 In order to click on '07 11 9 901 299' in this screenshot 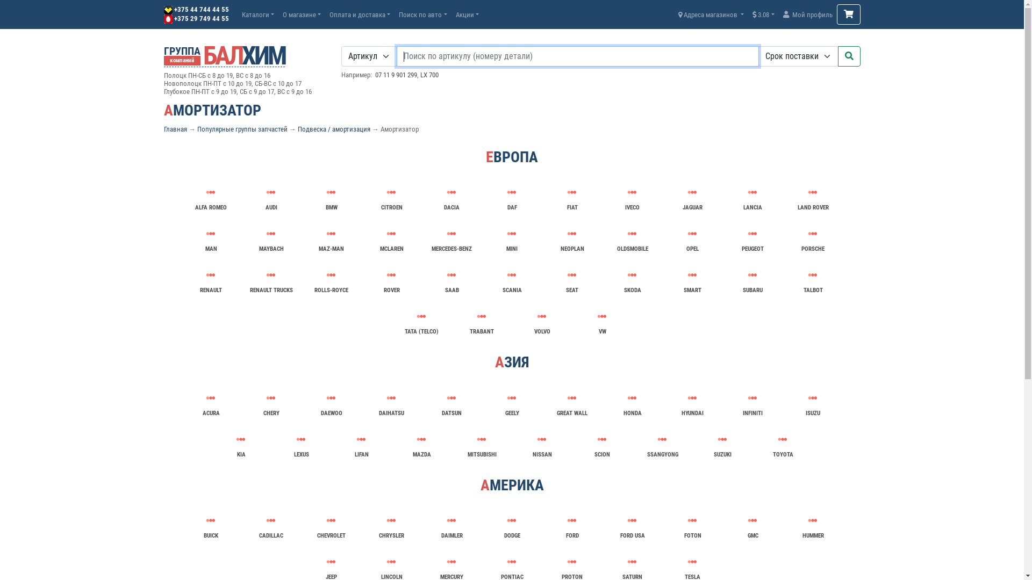, I will do `click(396, 74)`.